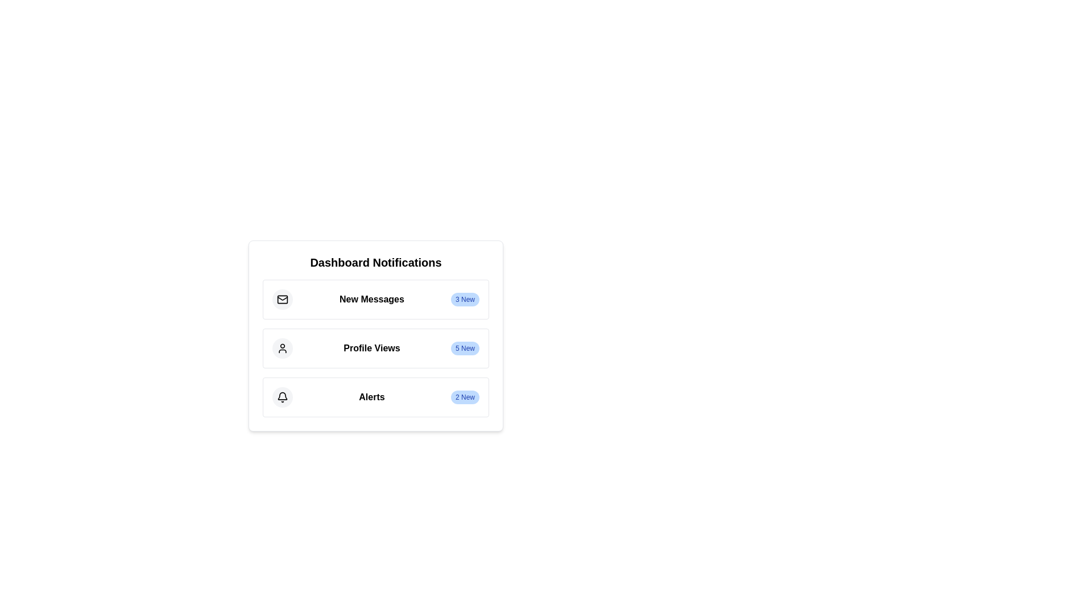 The width and height of the screenshot is (1092, 614). What do you see at coordinates (371, 347) in the screenshot?
I see `the 'Profile Views' label in the notification list panel, which is positioned between the 'New Messages' and 'Alerts' rows` at bounding box center [371, 347].